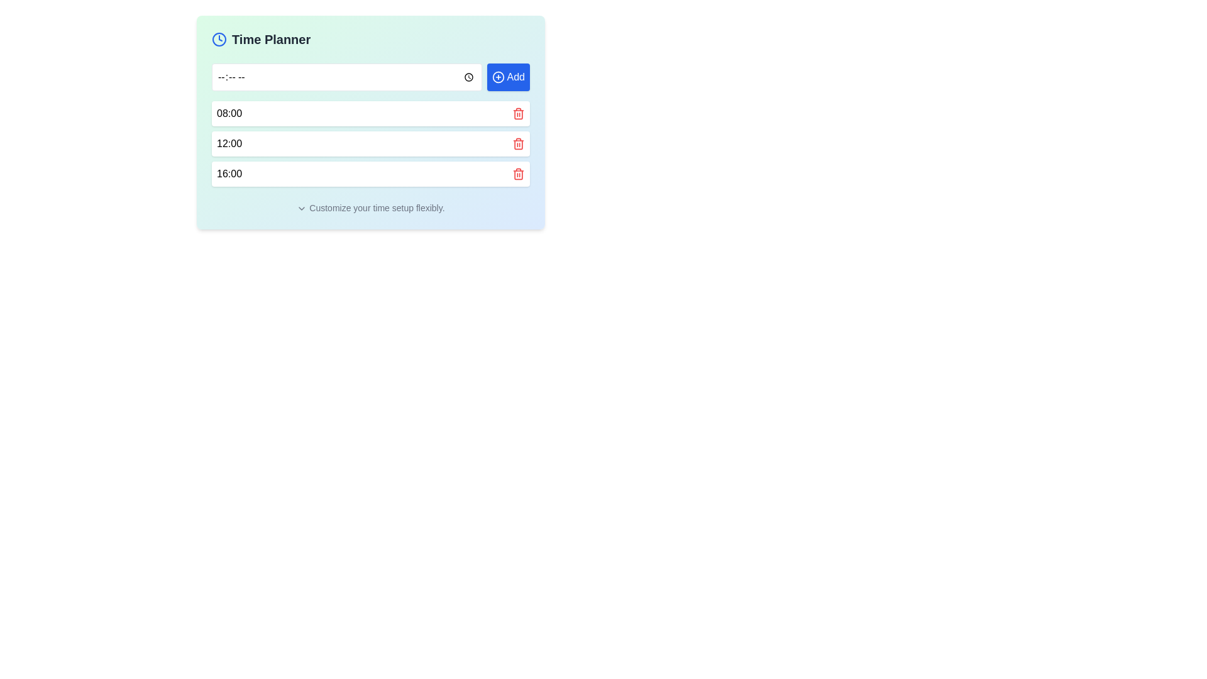  What do you see at coordinates (346, 77) in the screenshot?
I see `the time input field with placeholder '--:-- --' to focus and input a time` at bounding box center [346, 77].